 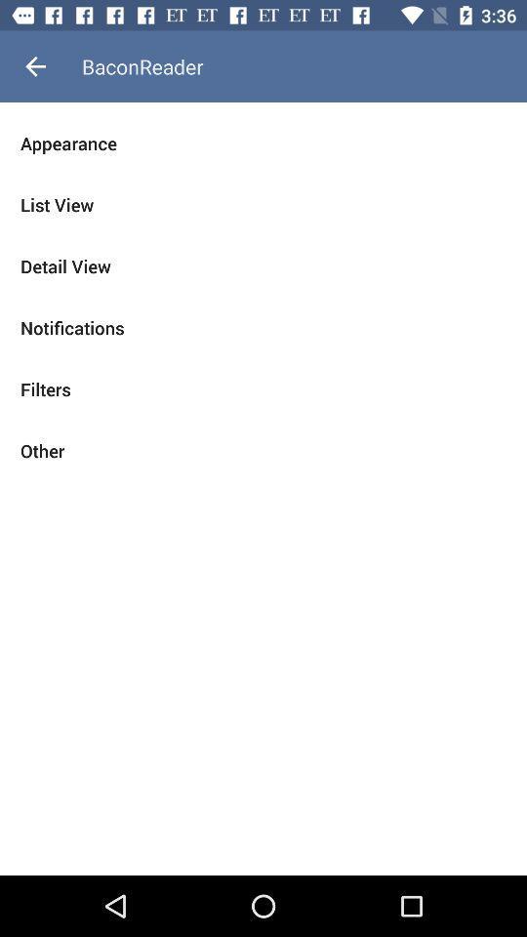 What do you see at coordinates (35, 66) in the screenshot?
I see `the icon next to baconreader` at bounding box center [35, 66].